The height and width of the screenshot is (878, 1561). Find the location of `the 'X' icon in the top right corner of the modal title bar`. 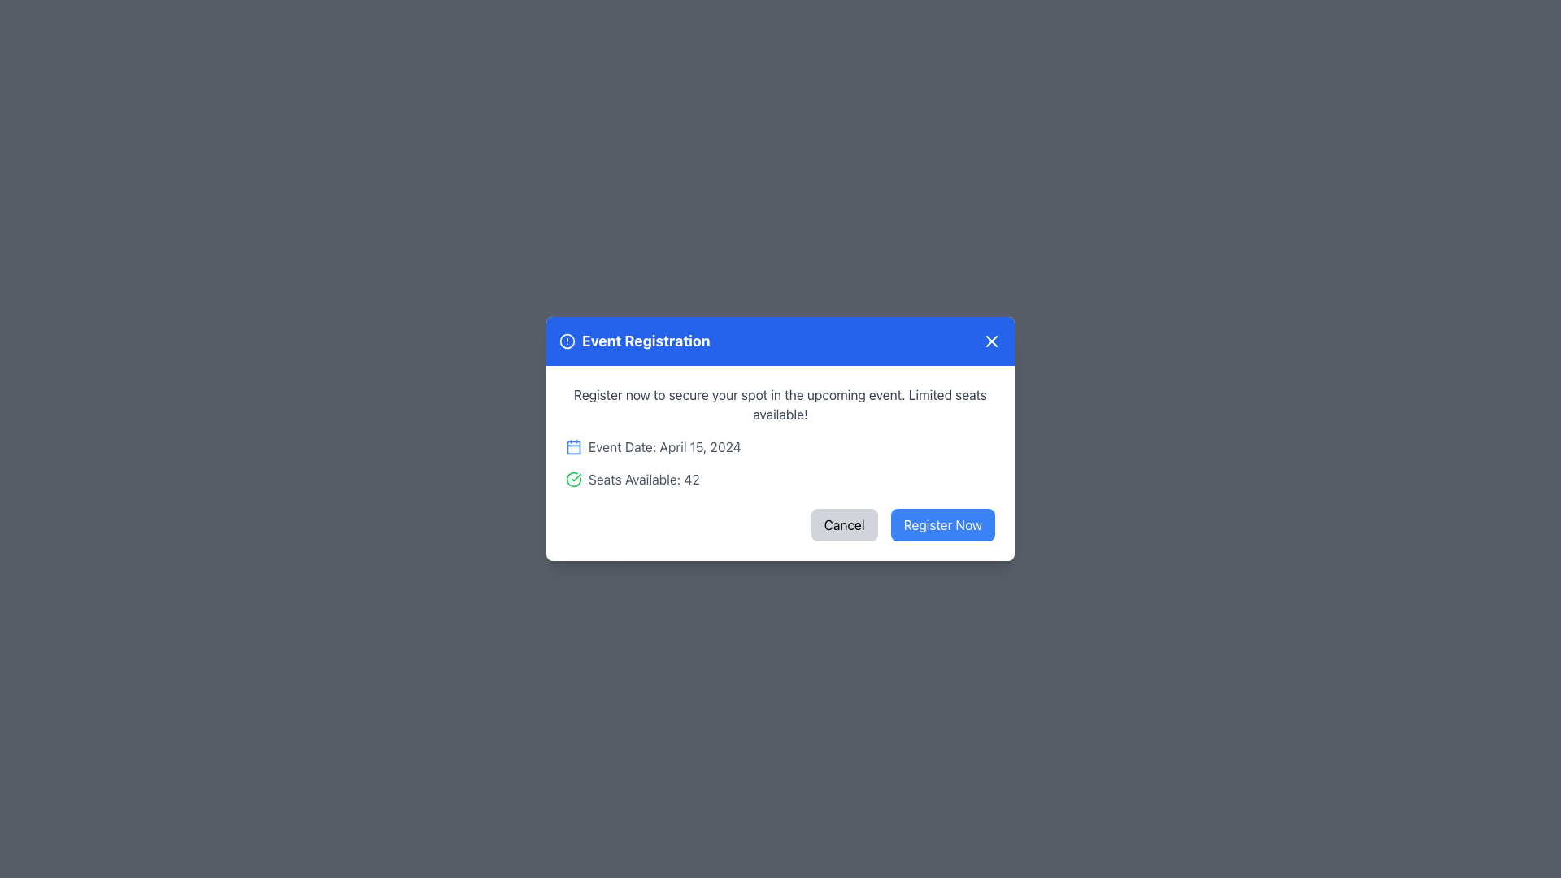

the 'X' icon in the top right corner of the modal title bar is located at coordinates (990, 341).